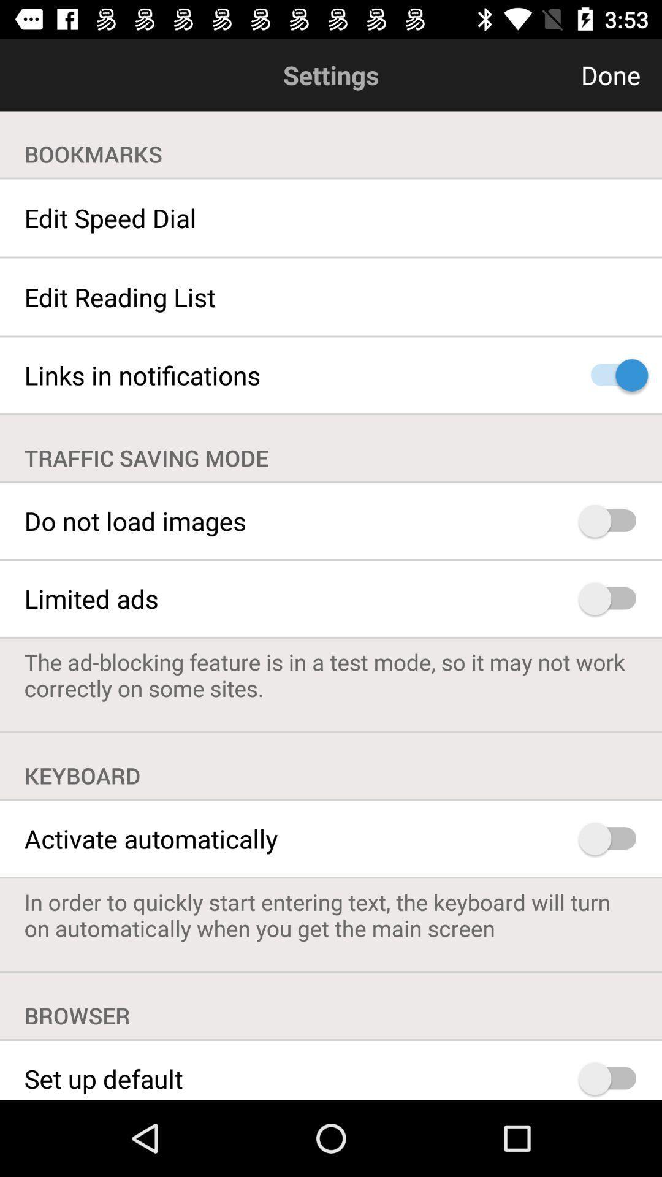 The height and width of the screenshot is (1177, 662). Describe the element at coordinates (613, 375) in the screenshot. I see `switch notifications option` at that location.